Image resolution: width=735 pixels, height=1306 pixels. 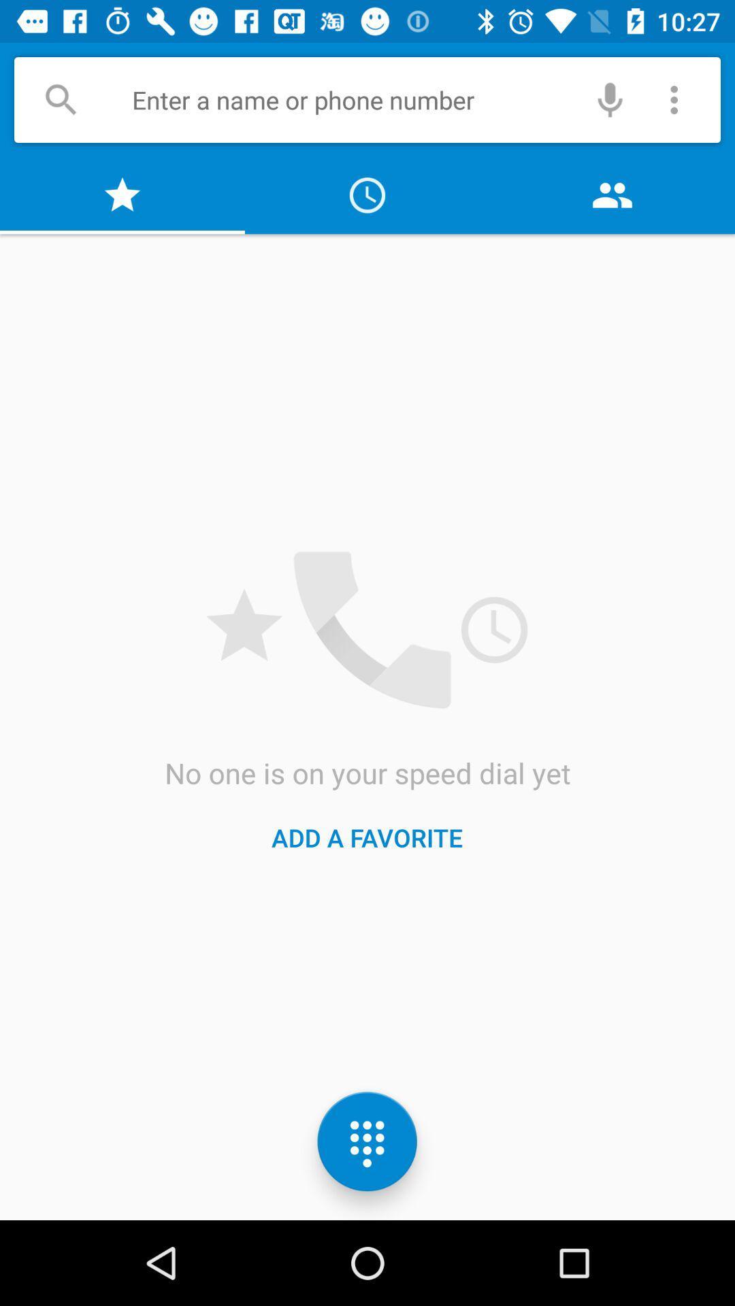 I want to click on the dialpad icon, so click(x=367, y=1141).